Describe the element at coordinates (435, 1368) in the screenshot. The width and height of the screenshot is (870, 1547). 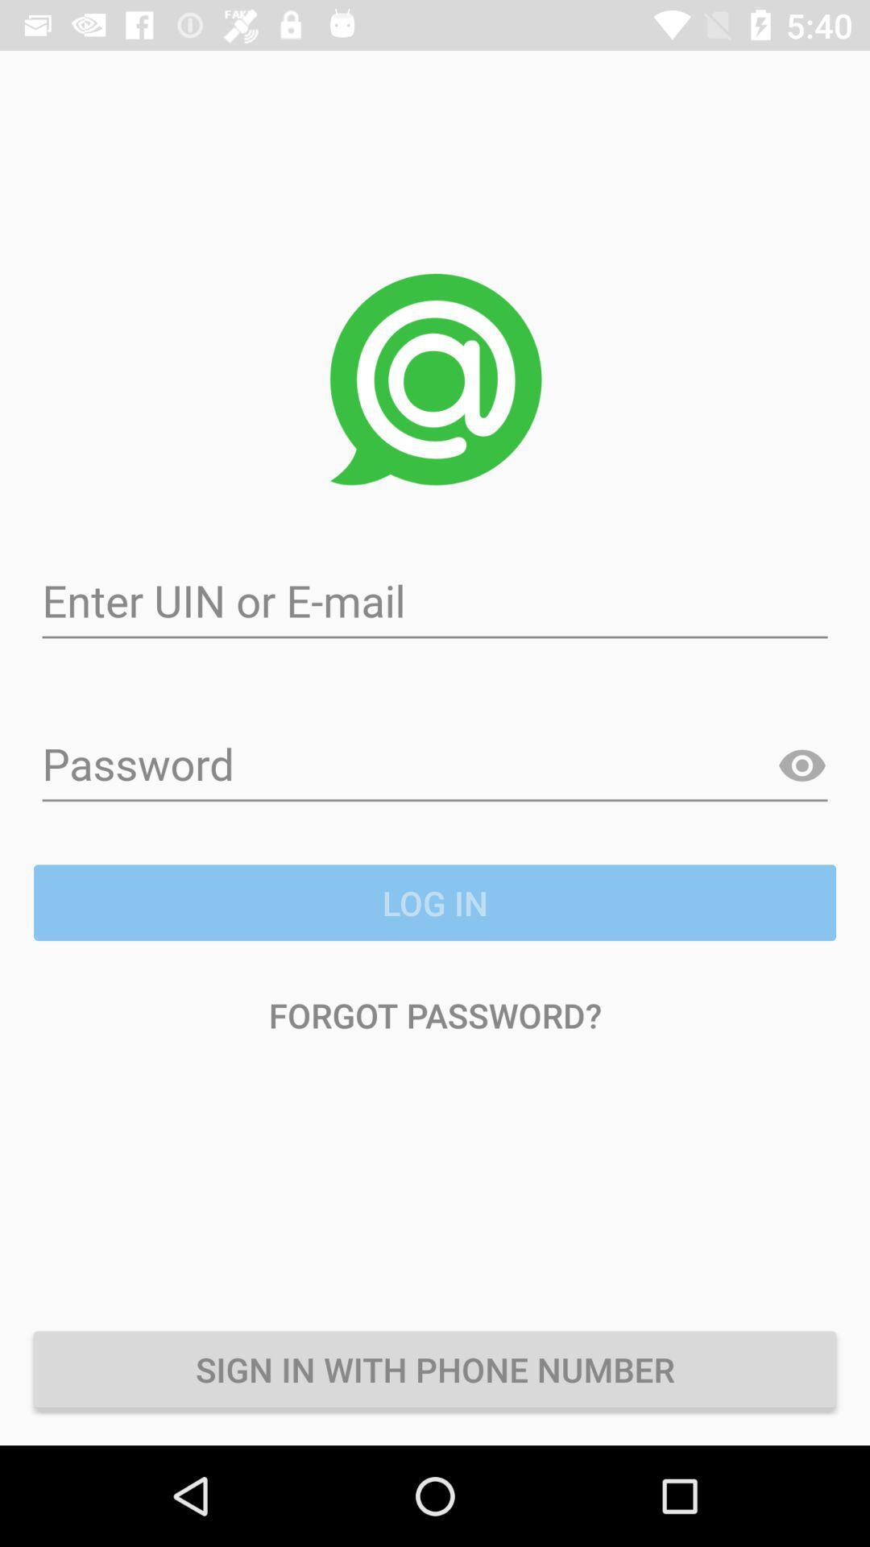
I see `sign in with item` at that location.